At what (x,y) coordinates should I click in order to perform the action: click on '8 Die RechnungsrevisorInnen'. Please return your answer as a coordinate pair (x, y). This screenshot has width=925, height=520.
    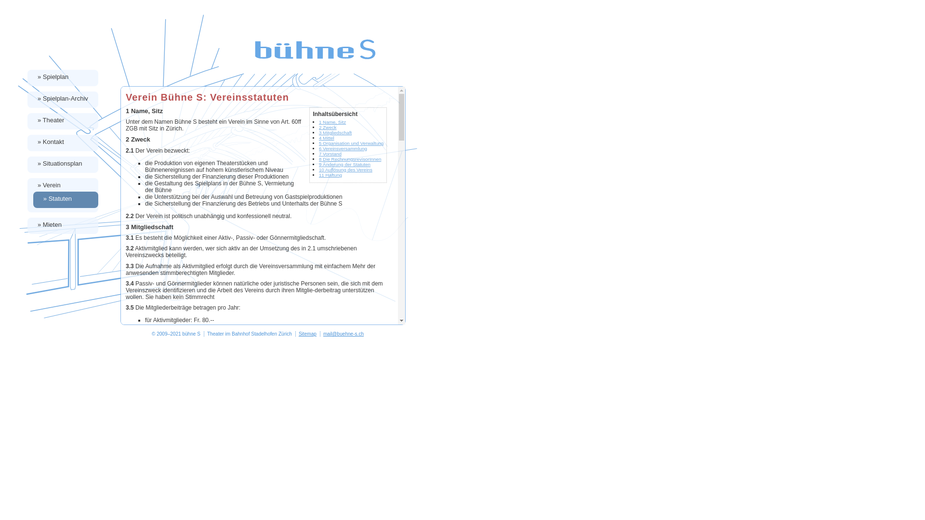
    Looking at the image, I should click on (349, 158).